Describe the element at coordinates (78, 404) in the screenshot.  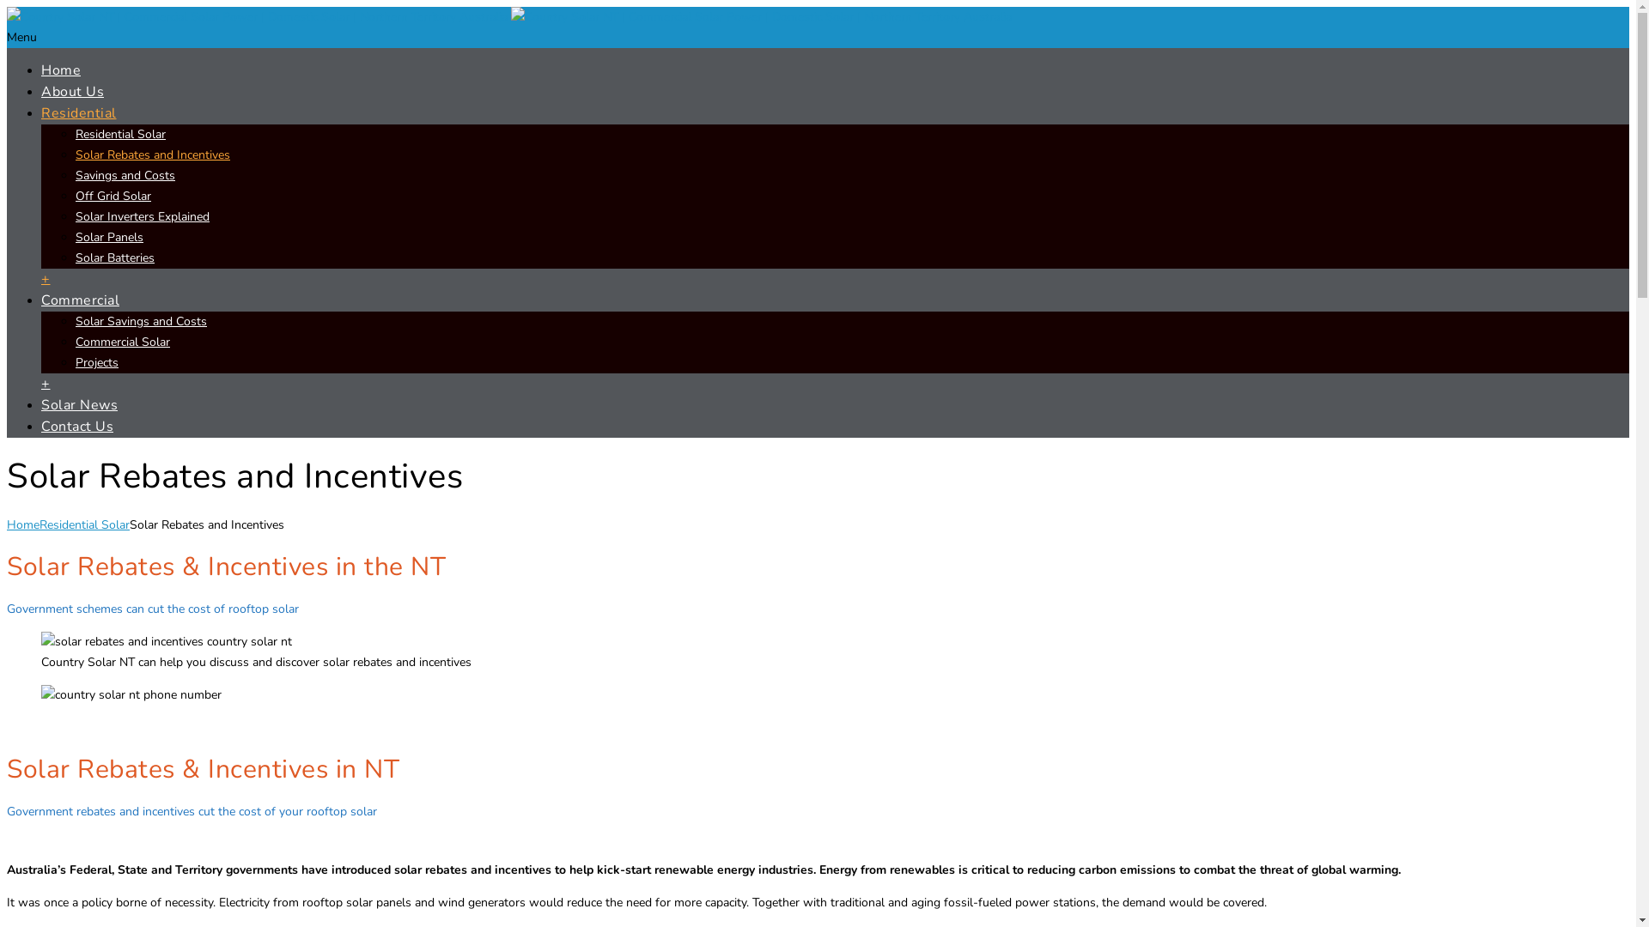
I see `'Solar News'` at that location.